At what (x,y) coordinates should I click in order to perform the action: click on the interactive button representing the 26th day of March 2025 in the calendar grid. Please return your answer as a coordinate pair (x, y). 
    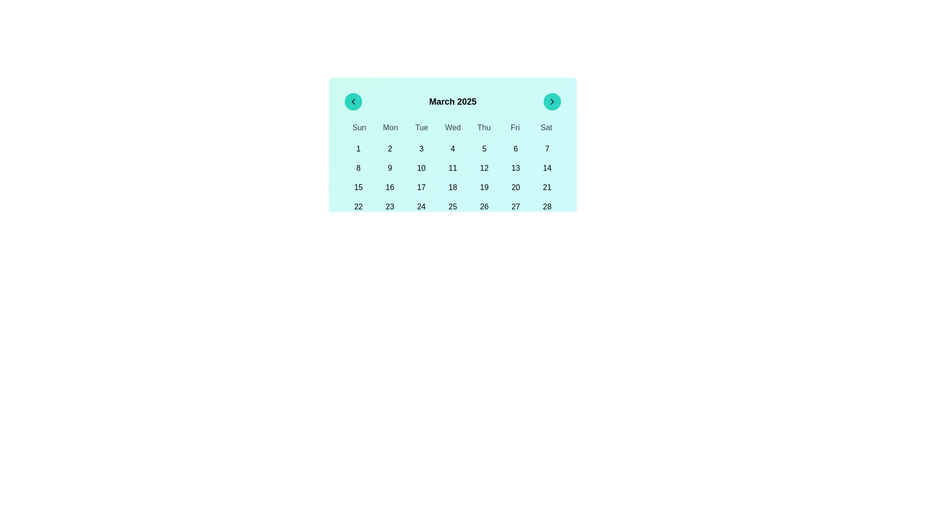
    Looking at the image, I should click on (484, 206).